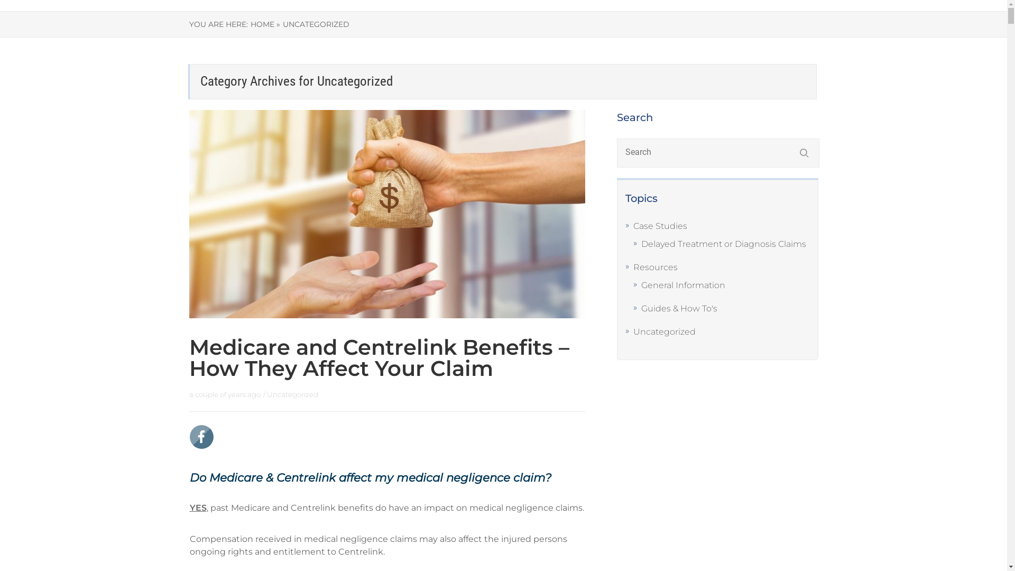  Describe the element at coordinates (654, 266) in the screenshot. I see `'Resources'` at that location.